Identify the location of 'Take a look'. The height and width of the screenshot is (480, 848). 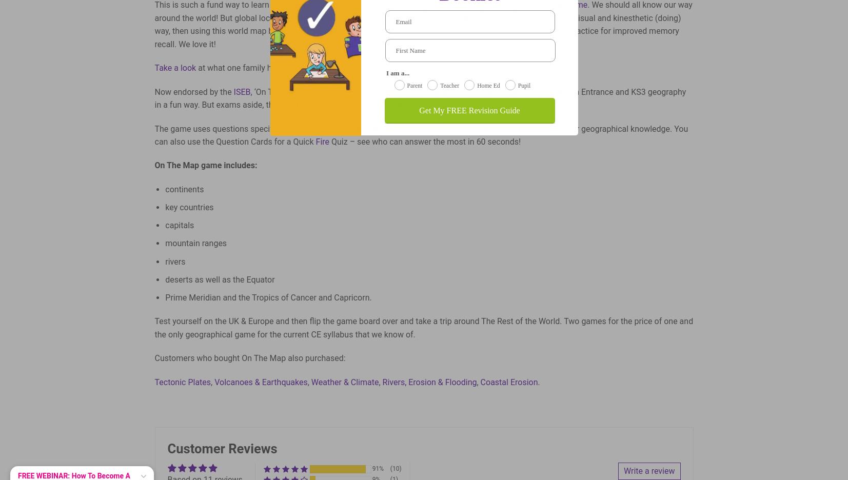
(174, 68).